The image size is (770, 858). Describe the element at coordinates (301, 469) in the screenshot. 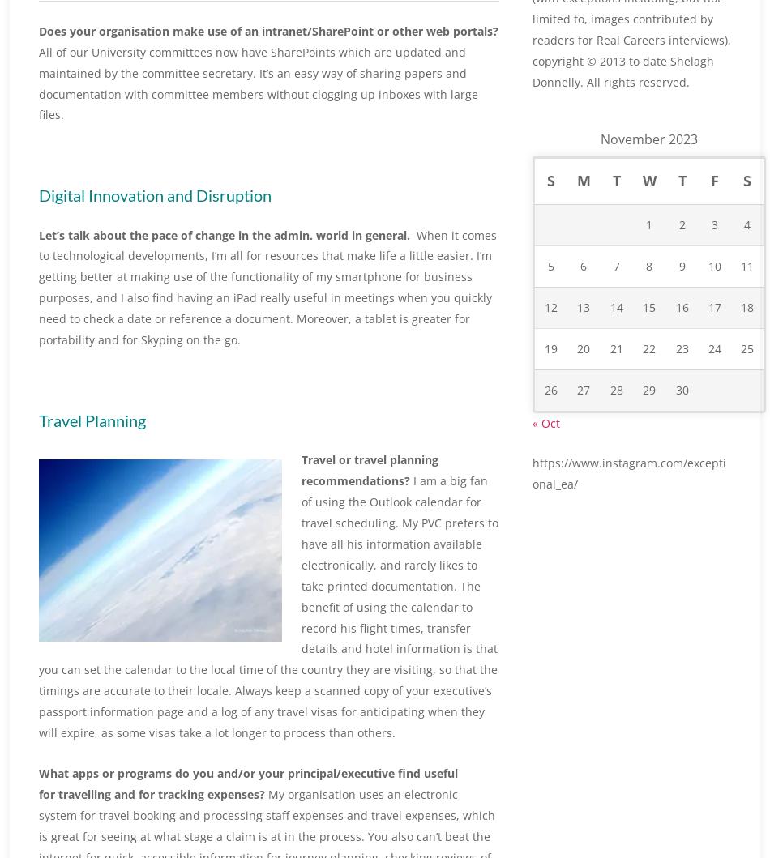

I see `'Travel or travel planning recommendations?'` at that location.